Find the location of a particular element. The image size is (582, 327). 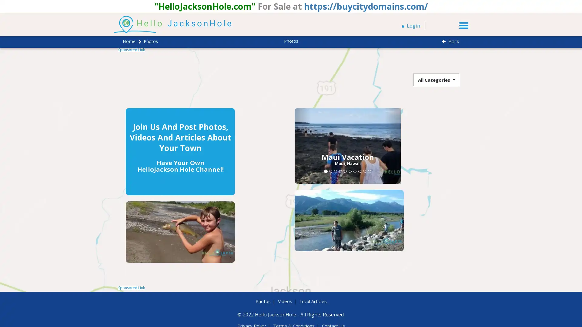

All Categories is located at coordinates (436, 79).